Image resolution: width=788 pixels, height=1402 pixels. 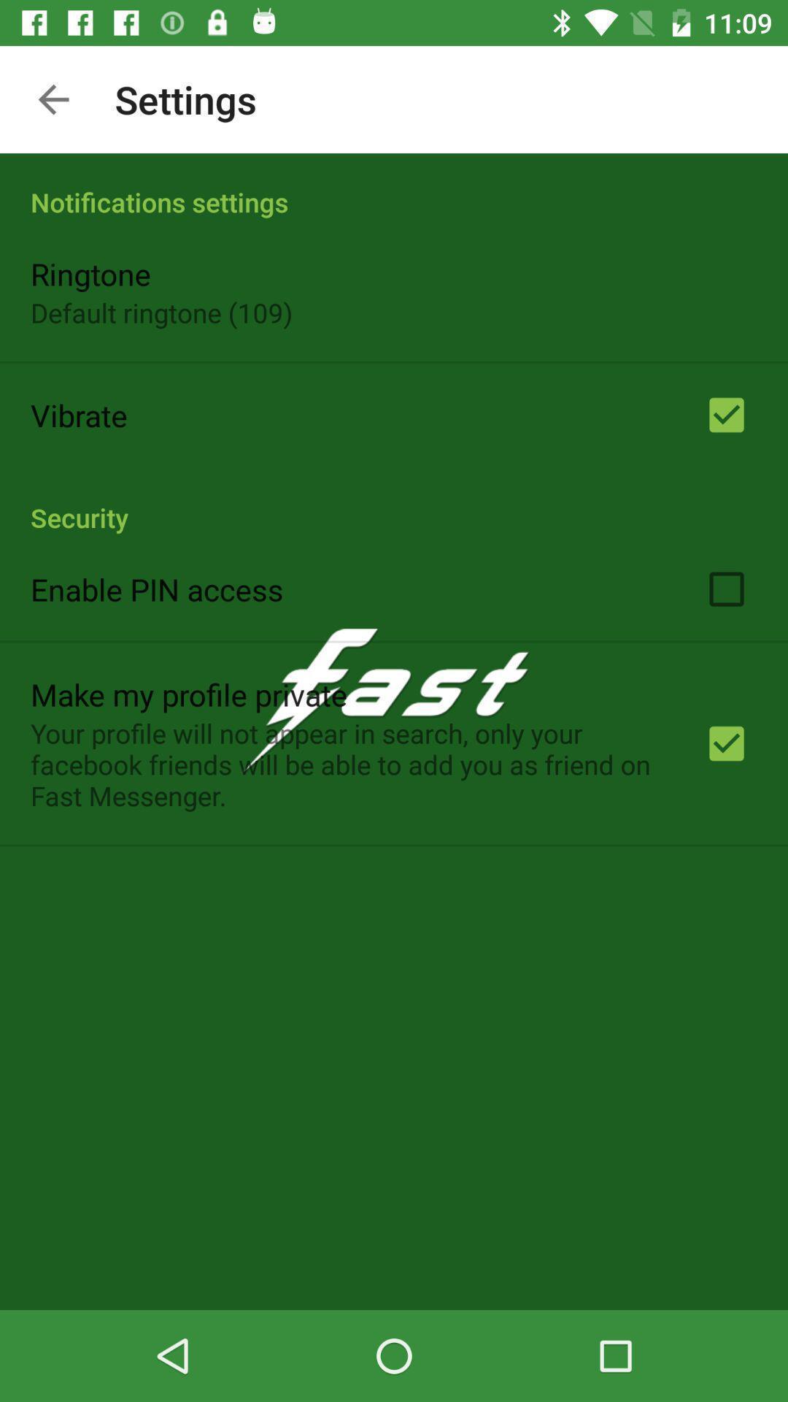 What do you see at coordinates (161, 312) in the screenshot?
I see `the default ringtone (109) item` at bounding box center [161, 312].